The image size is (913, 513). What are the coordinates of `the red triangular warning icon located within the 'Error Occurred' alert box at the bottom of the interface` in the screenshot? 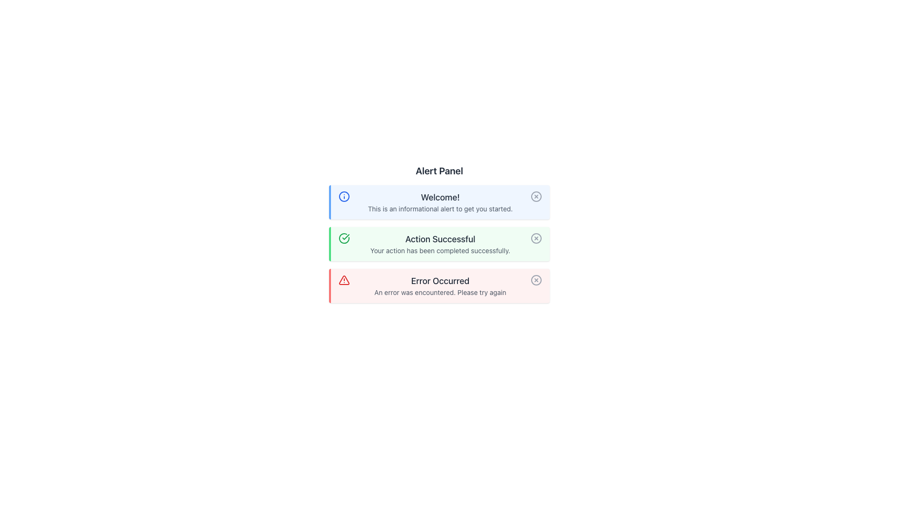 It's located at (344, 280).